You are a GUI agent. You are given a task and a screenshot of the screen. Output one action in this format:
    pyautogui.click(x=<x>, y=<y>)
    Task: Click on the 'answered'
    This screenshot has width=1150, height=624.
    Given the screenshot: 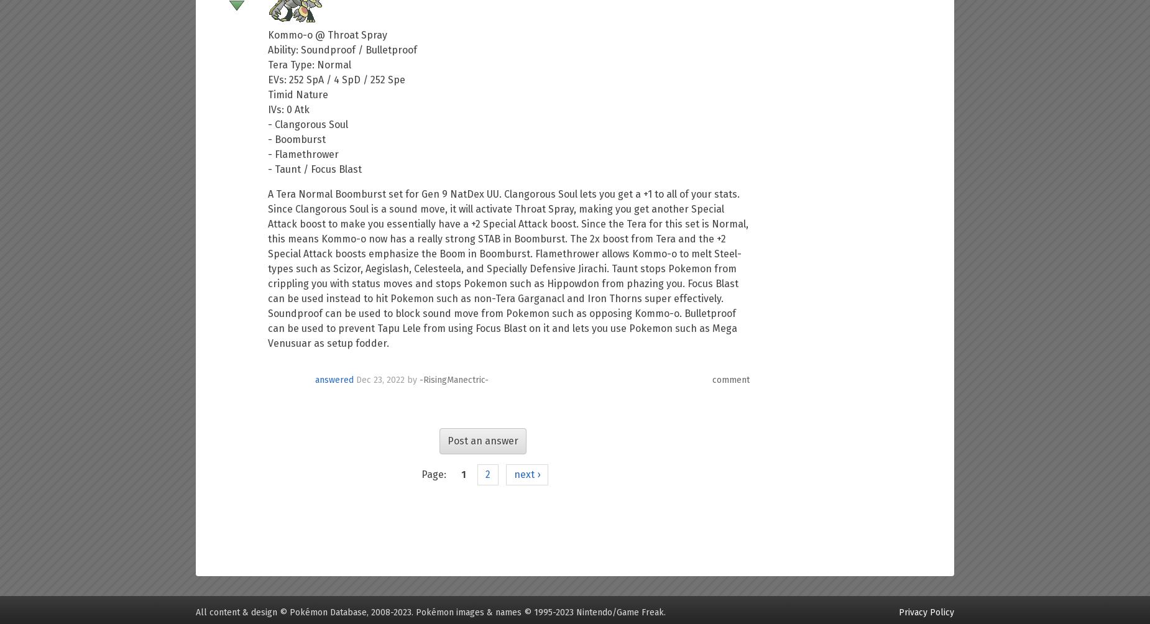 What is the action you would take?
    pyautogui.click(x=334, y=379)
    